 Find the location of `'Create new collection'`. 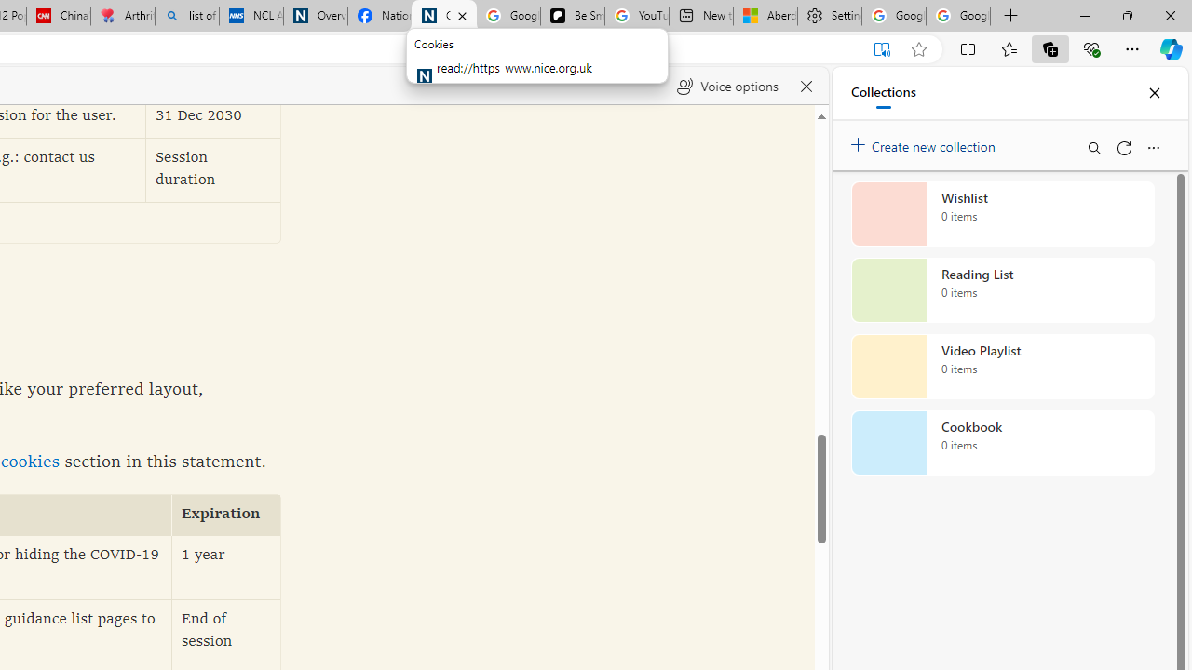

'Create new collection' is located at coordinates (927, 141).